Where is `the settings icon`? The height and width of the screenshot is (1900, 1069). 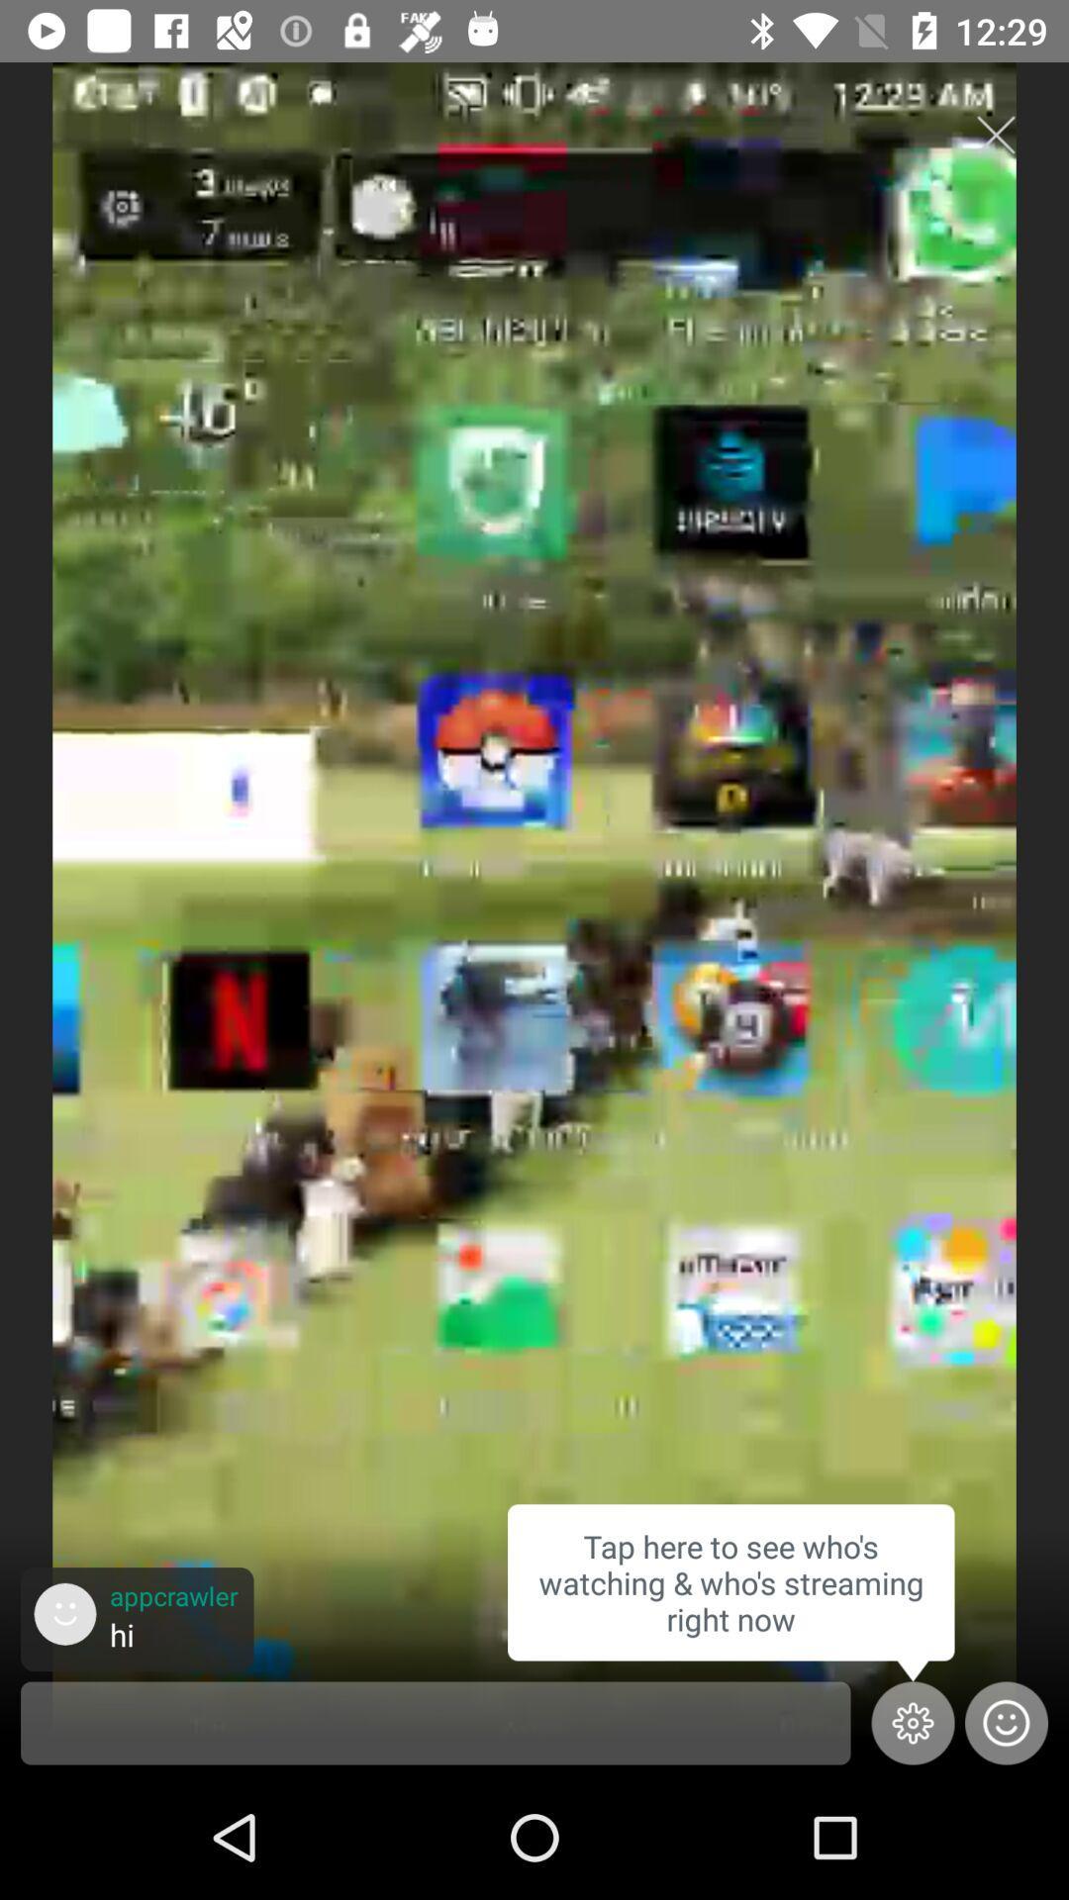
the settings icon is located at coordinates (913, 1722).